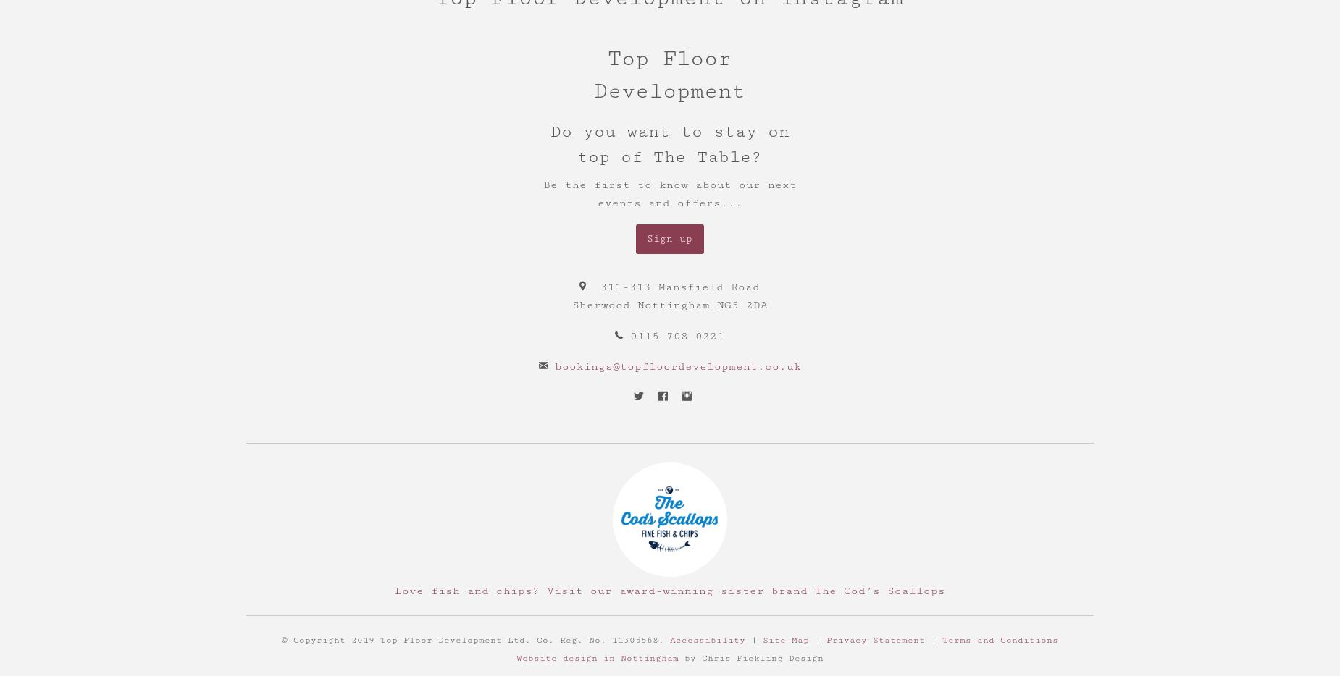 Image resolution: width=1340 pixels, height=676 pixels. Describe the element at coordinates (679, 285) in the screenshot. I see `'311-313 Mansfield Road'` at that location.